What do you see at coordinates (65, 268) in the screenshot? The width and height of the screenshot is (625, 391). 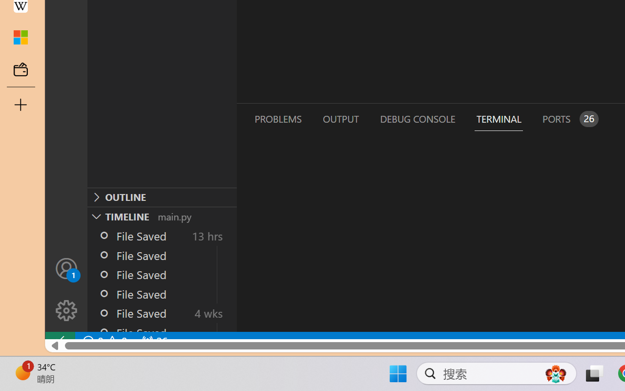 I see `'Accounts - Sign in requested'` at bounding box center [65, 268].